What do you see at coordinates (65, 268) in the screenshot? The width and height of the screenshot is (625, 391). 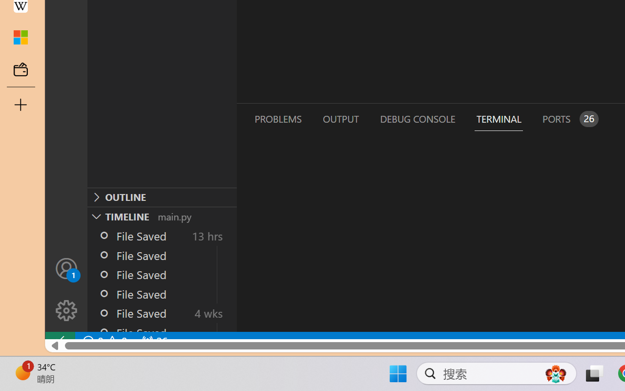 I see `'Accounts - Sign in requested'` at bounding box center [65, 268].